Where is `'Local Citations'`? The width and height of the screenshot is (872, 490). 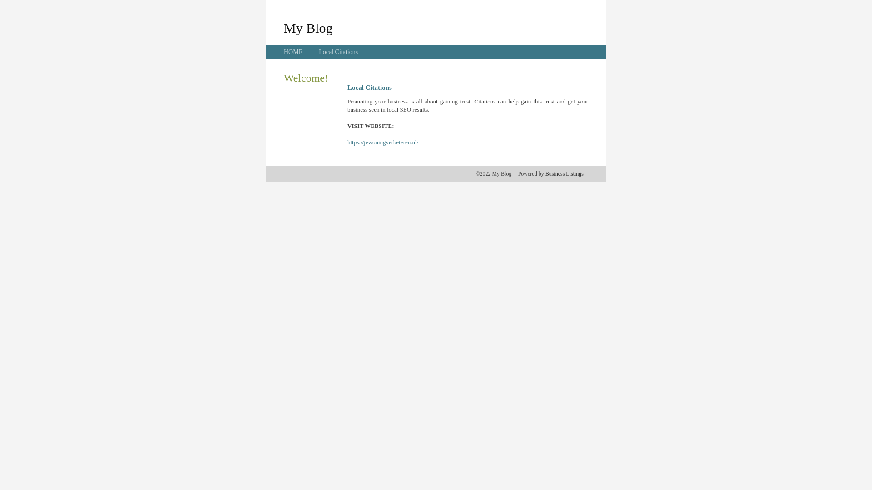 'Local Citations' is located at coordinates (337, 52).